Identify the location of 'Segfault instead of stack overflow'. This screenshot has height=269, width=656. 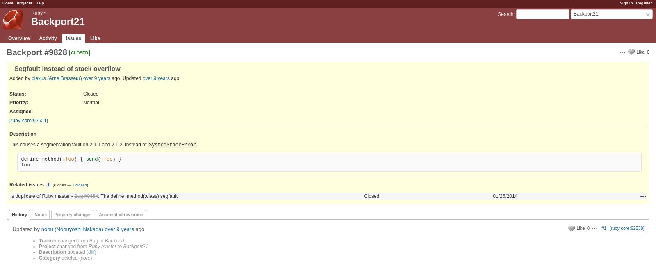
(67, 68).